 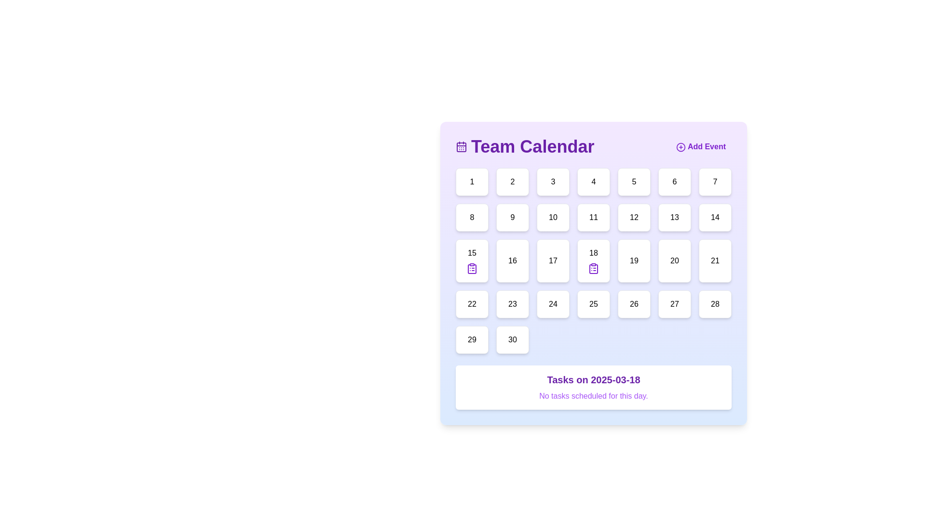 What do you see at coordinates (634, 304) in the screenshot?
I see `the button representing the specific date in the calendar located at the fifth row and fifth column` at bounding box center [634, 304].